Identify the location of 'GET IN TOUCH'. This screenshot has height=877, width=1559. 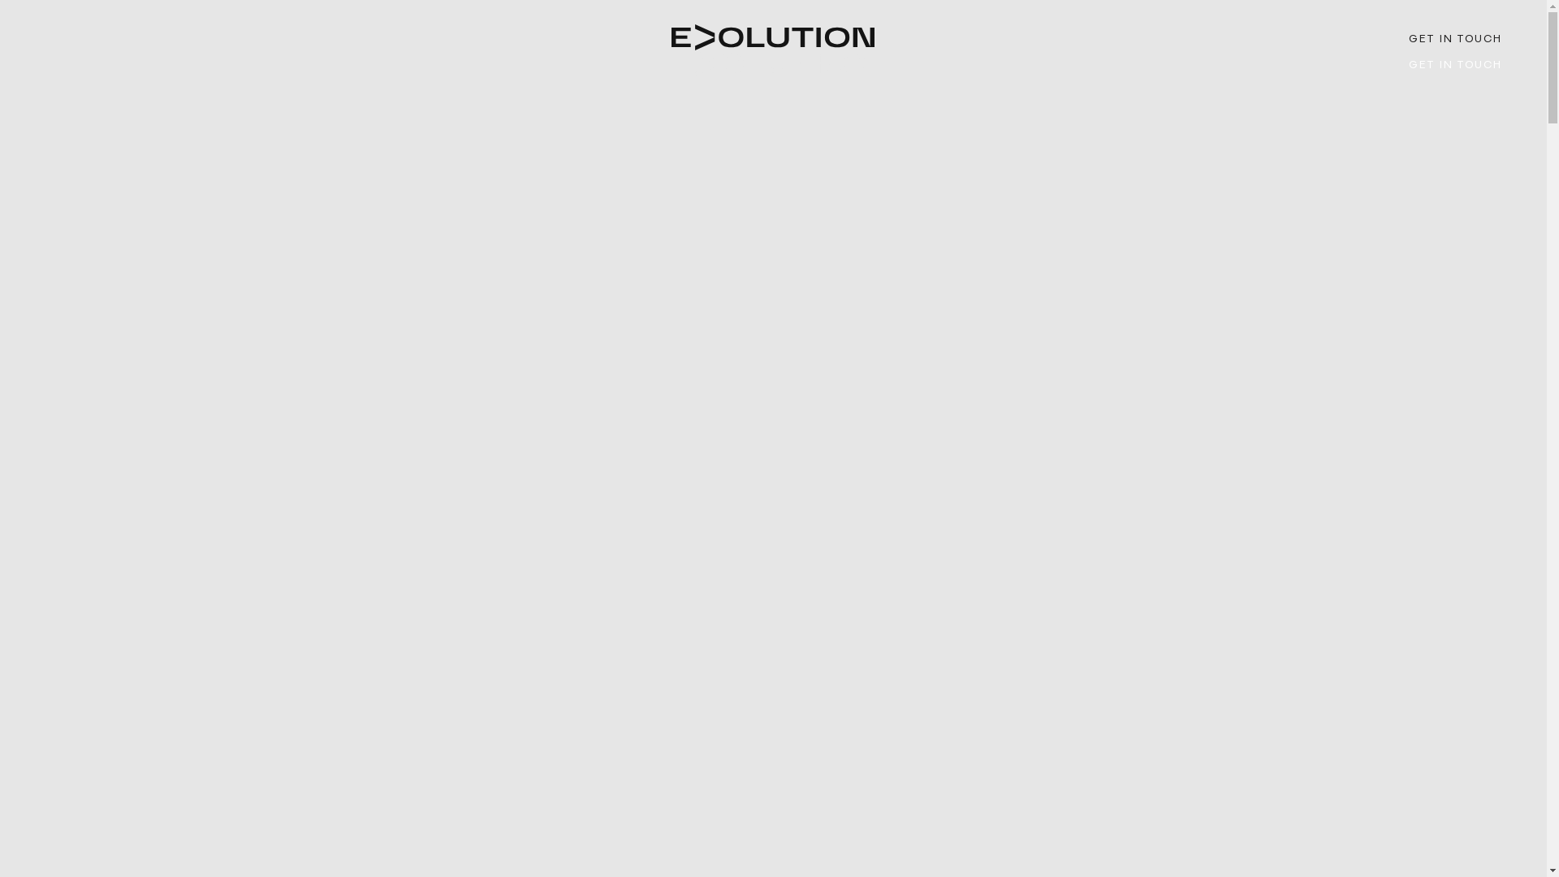
(1455, 63).